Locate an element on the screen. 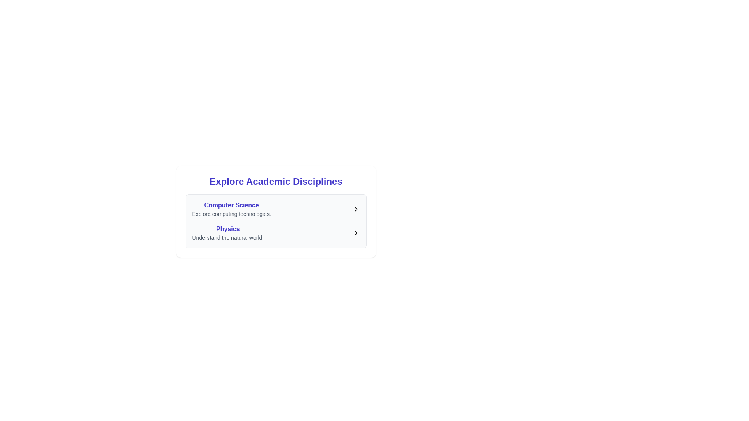 Image resolution: width=749 pixels, height=421 pixels. informational block labeled 'Computer Science' which contains the text 'Computer Science' in bold indigo and 'Explore computing technologies.' in smaller gray font, positioned below 'Explore Academic Disciplines.' is located at coordinates (231, 209).